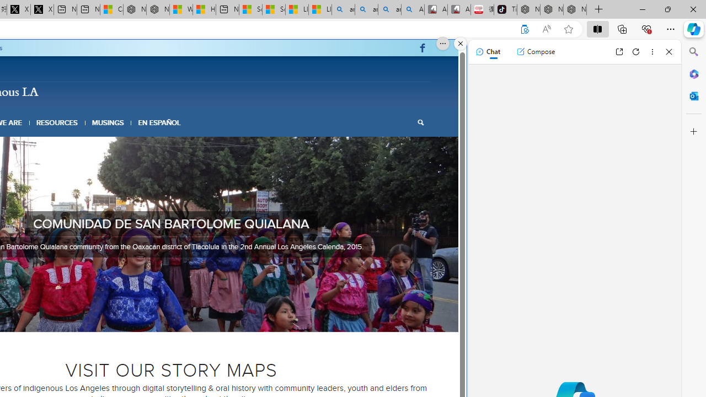  Describe the element at coordinates (389, 9) in the screenshot. I see `'amazon - Search Images'` at that location.